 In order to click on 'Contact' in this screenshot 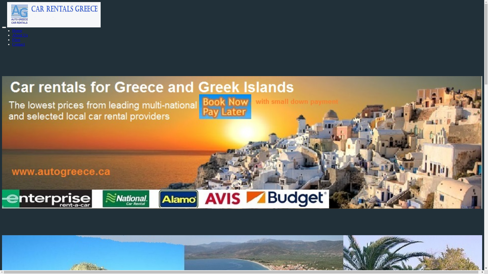, I will do `click(18, 44)`.